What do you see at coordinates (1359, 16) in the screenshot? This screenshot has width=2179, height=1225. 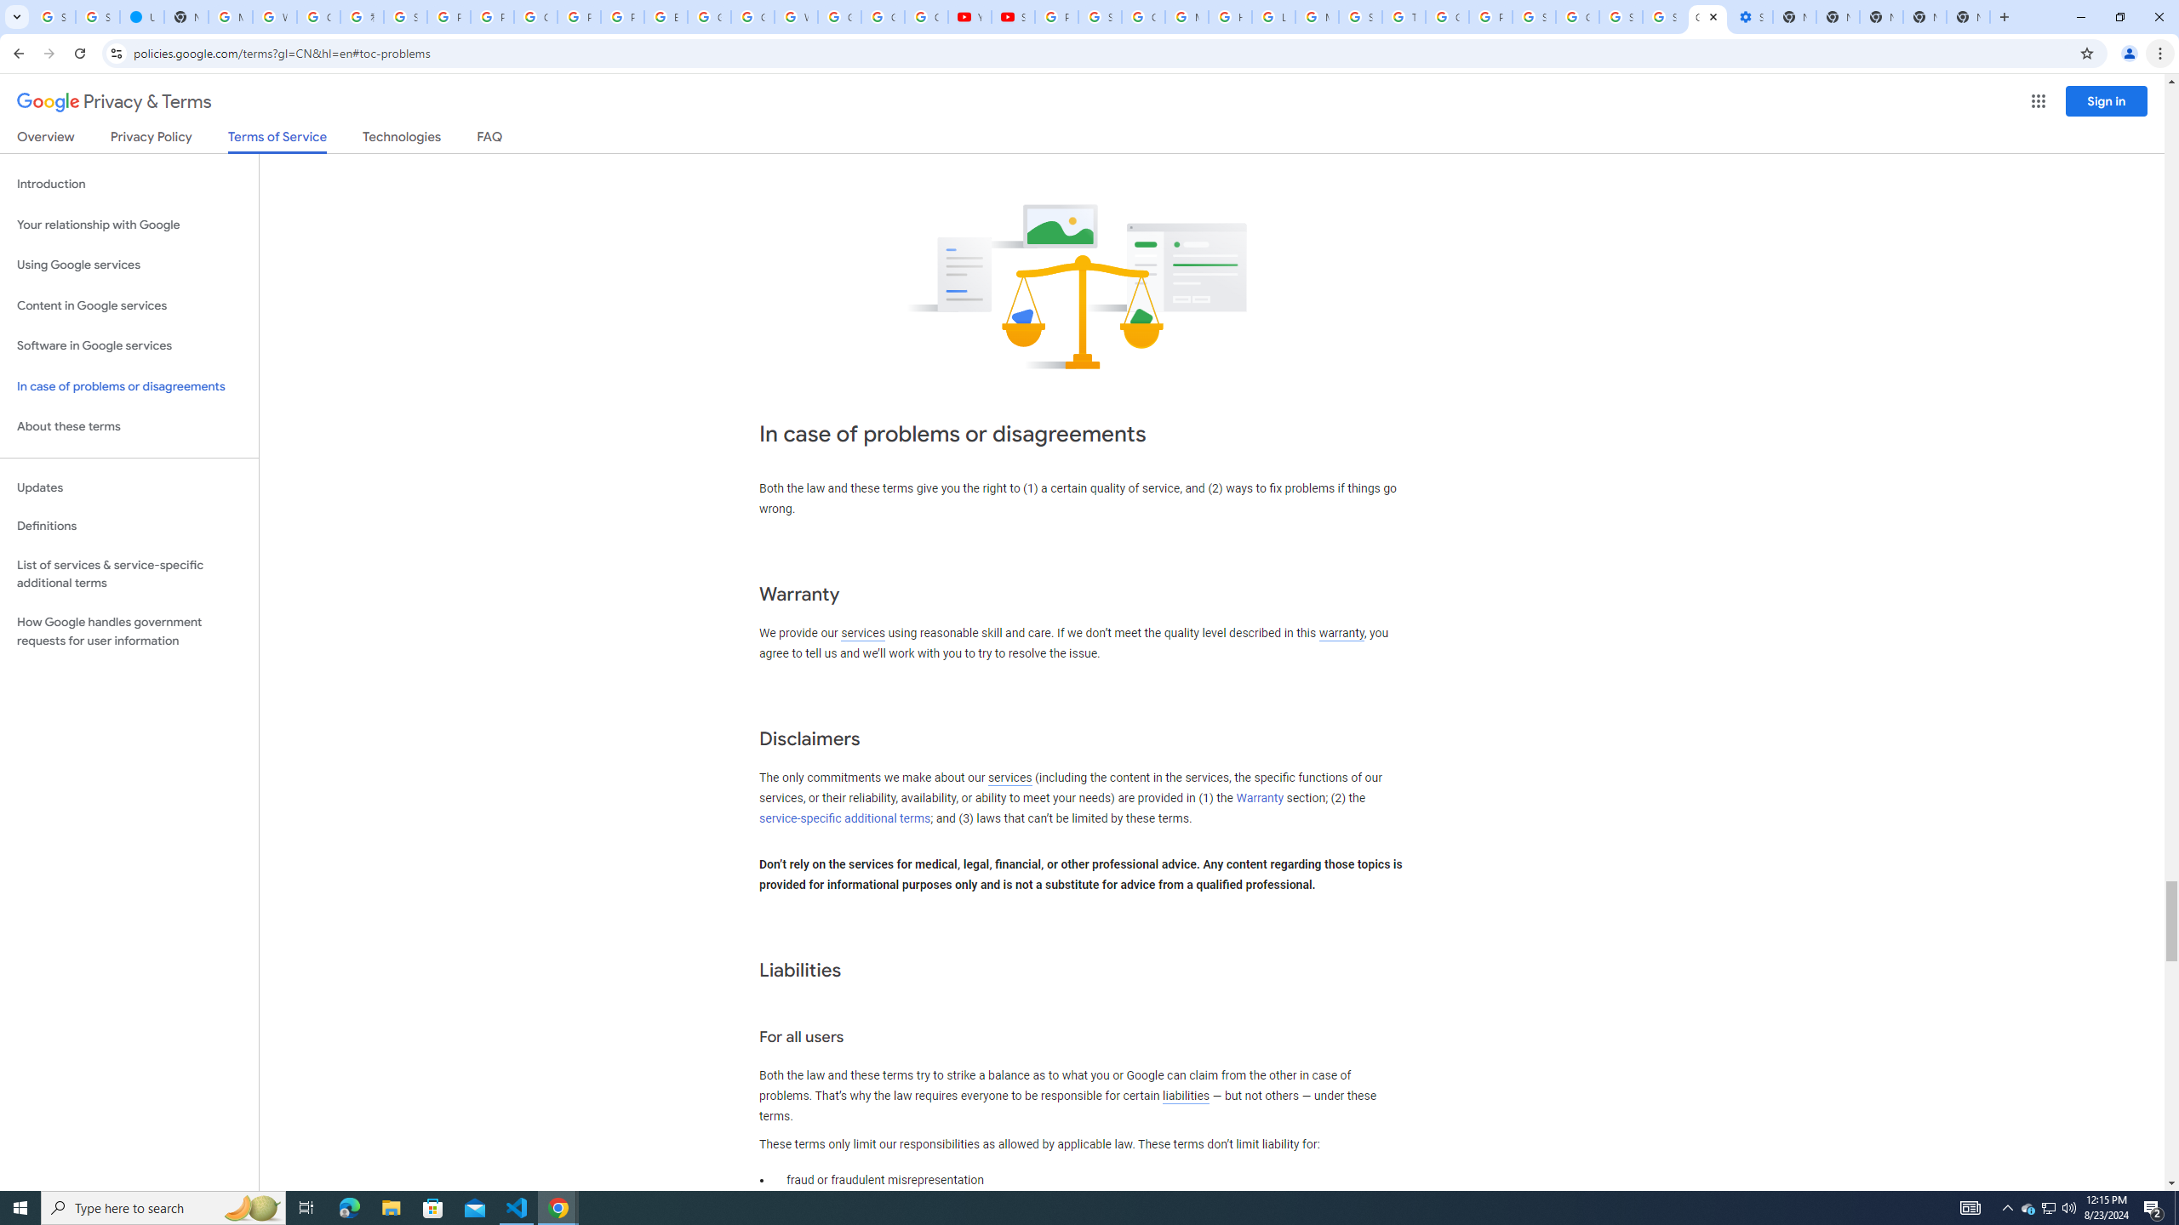 I see `'Search our Doodle Library Collection - Google Doodles'` at bounding box center [1359, 16].